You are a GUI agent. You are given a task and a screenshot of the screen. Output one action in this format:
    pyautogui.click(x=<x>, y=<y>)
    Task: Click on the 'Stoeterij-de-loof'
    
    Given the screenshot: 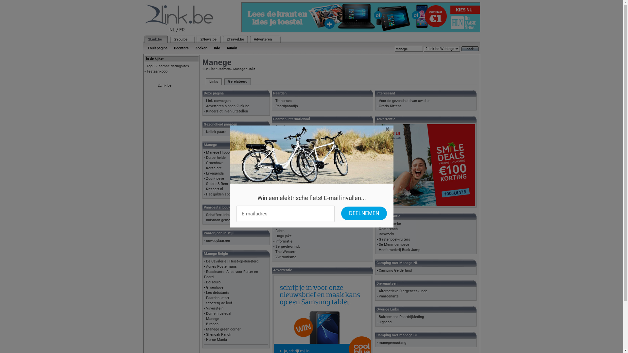 What is the action you would take?
    pyautogui.click(x=205, y=303)
    